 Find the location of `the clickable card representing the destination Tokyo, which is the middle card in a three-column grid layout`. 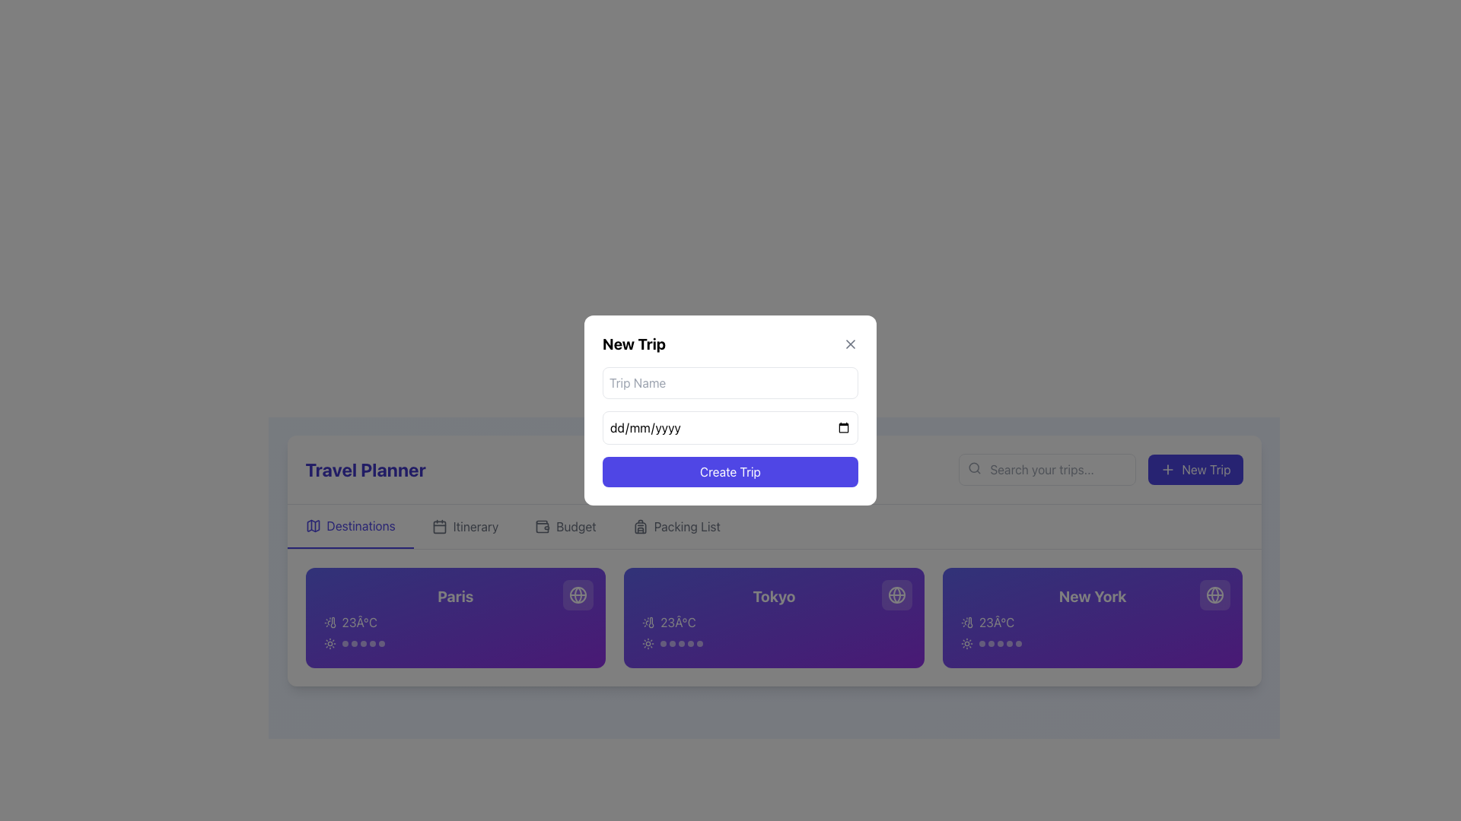

the clickable card representing the destination Tokyo, which is the middle card in a three-column grid layout is located at coordinates (774, 618).